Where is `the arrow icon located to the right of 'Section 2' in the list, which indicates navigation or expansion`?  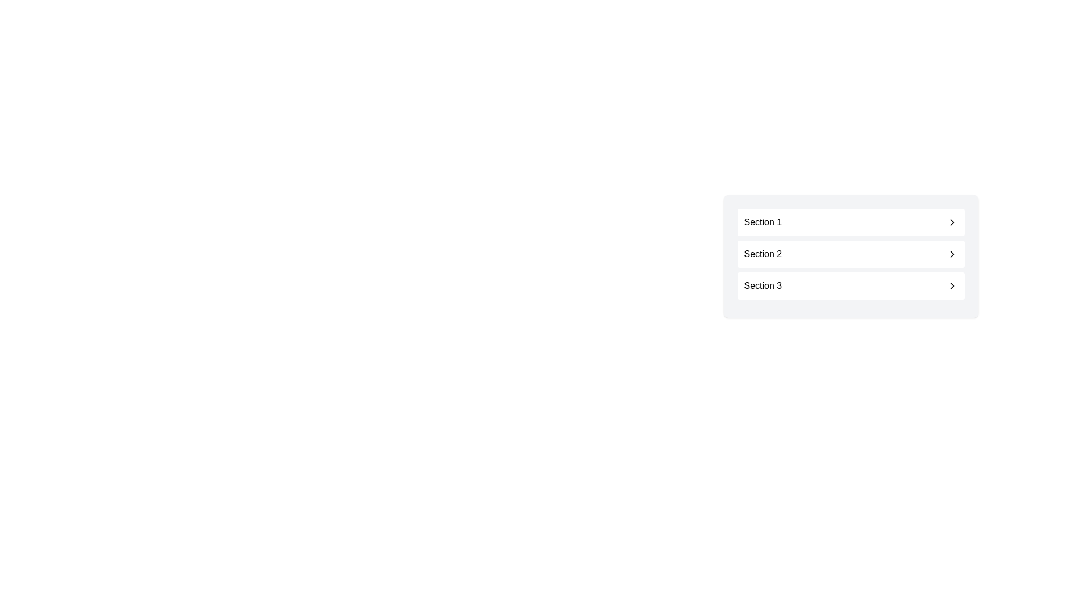
the arrow icon located to the right of 'Section 2' in the list, which indicates navigation or expansion is located at coordinates (952, 253).